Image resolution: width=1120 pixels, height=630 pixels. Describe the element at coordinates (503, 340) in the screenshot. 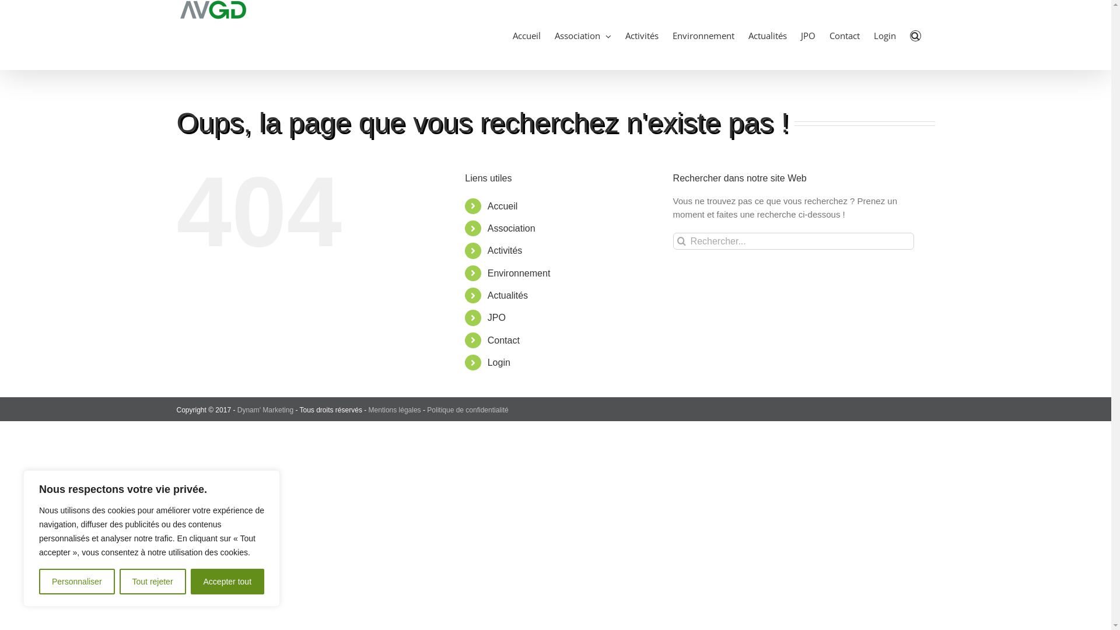

I see `'Contact'` at that location.